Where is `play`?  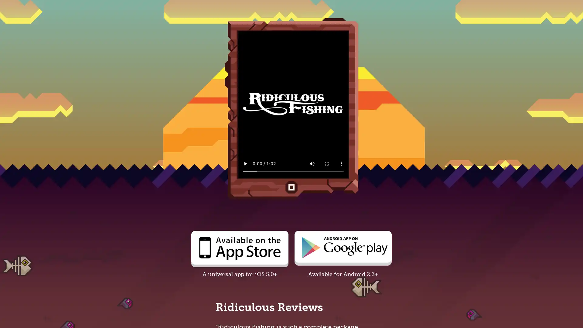
play is located at coordinates (245, 163).